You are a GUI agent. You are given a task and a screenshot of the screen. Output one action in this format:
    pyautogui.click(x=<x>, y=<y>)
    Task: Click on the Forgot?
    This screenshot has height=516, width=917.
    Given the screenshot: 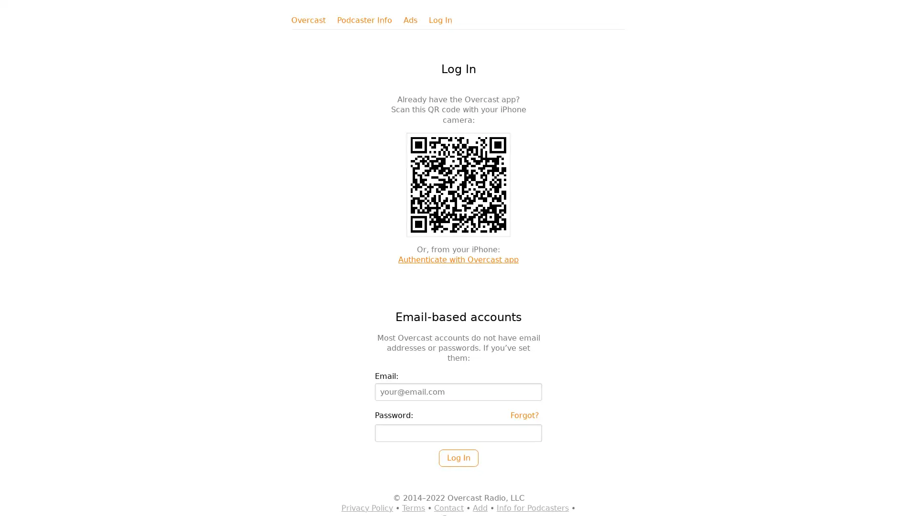 What is the action you would take?
    pyautogui.click(x=524, y=414)
    